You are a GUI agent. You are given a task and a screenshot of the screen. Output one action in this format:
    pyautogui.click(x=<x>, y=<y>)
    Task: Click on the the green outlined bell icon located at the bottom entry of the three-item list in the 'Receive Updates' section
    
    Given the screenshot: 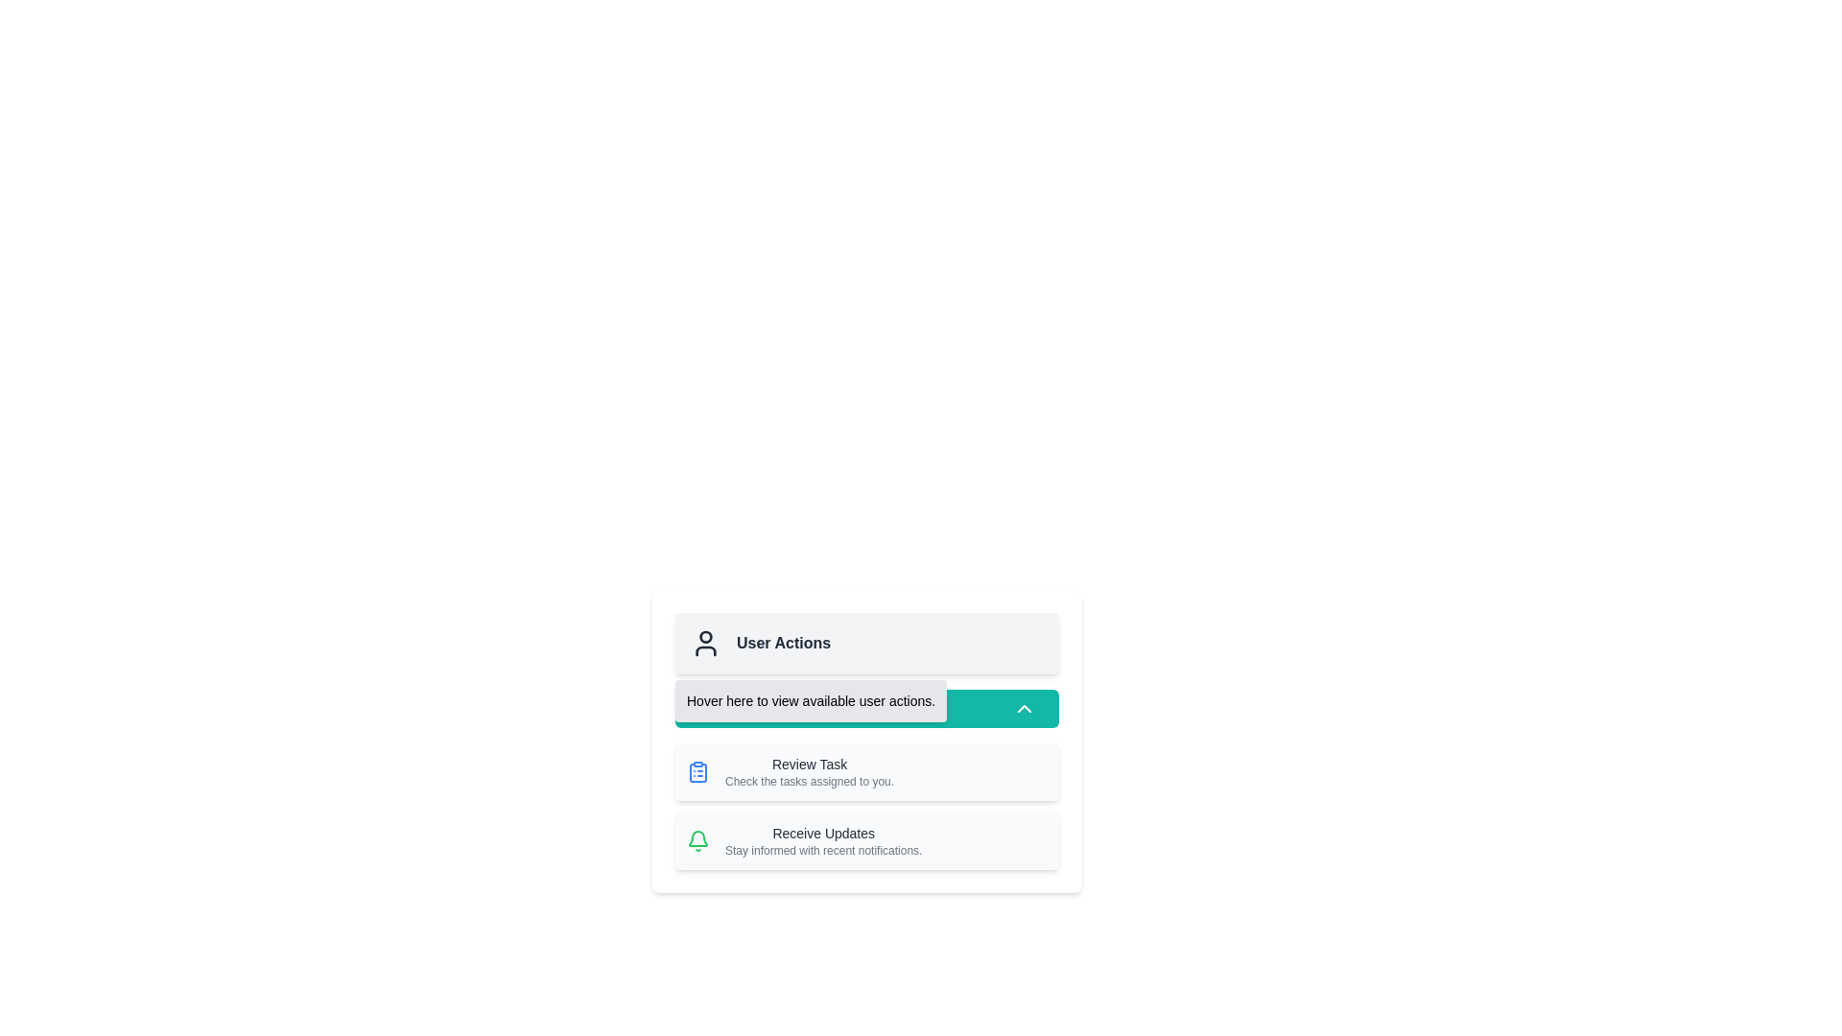 What is the action you would take?
    pyautogui.click(x=697, y=839)
    